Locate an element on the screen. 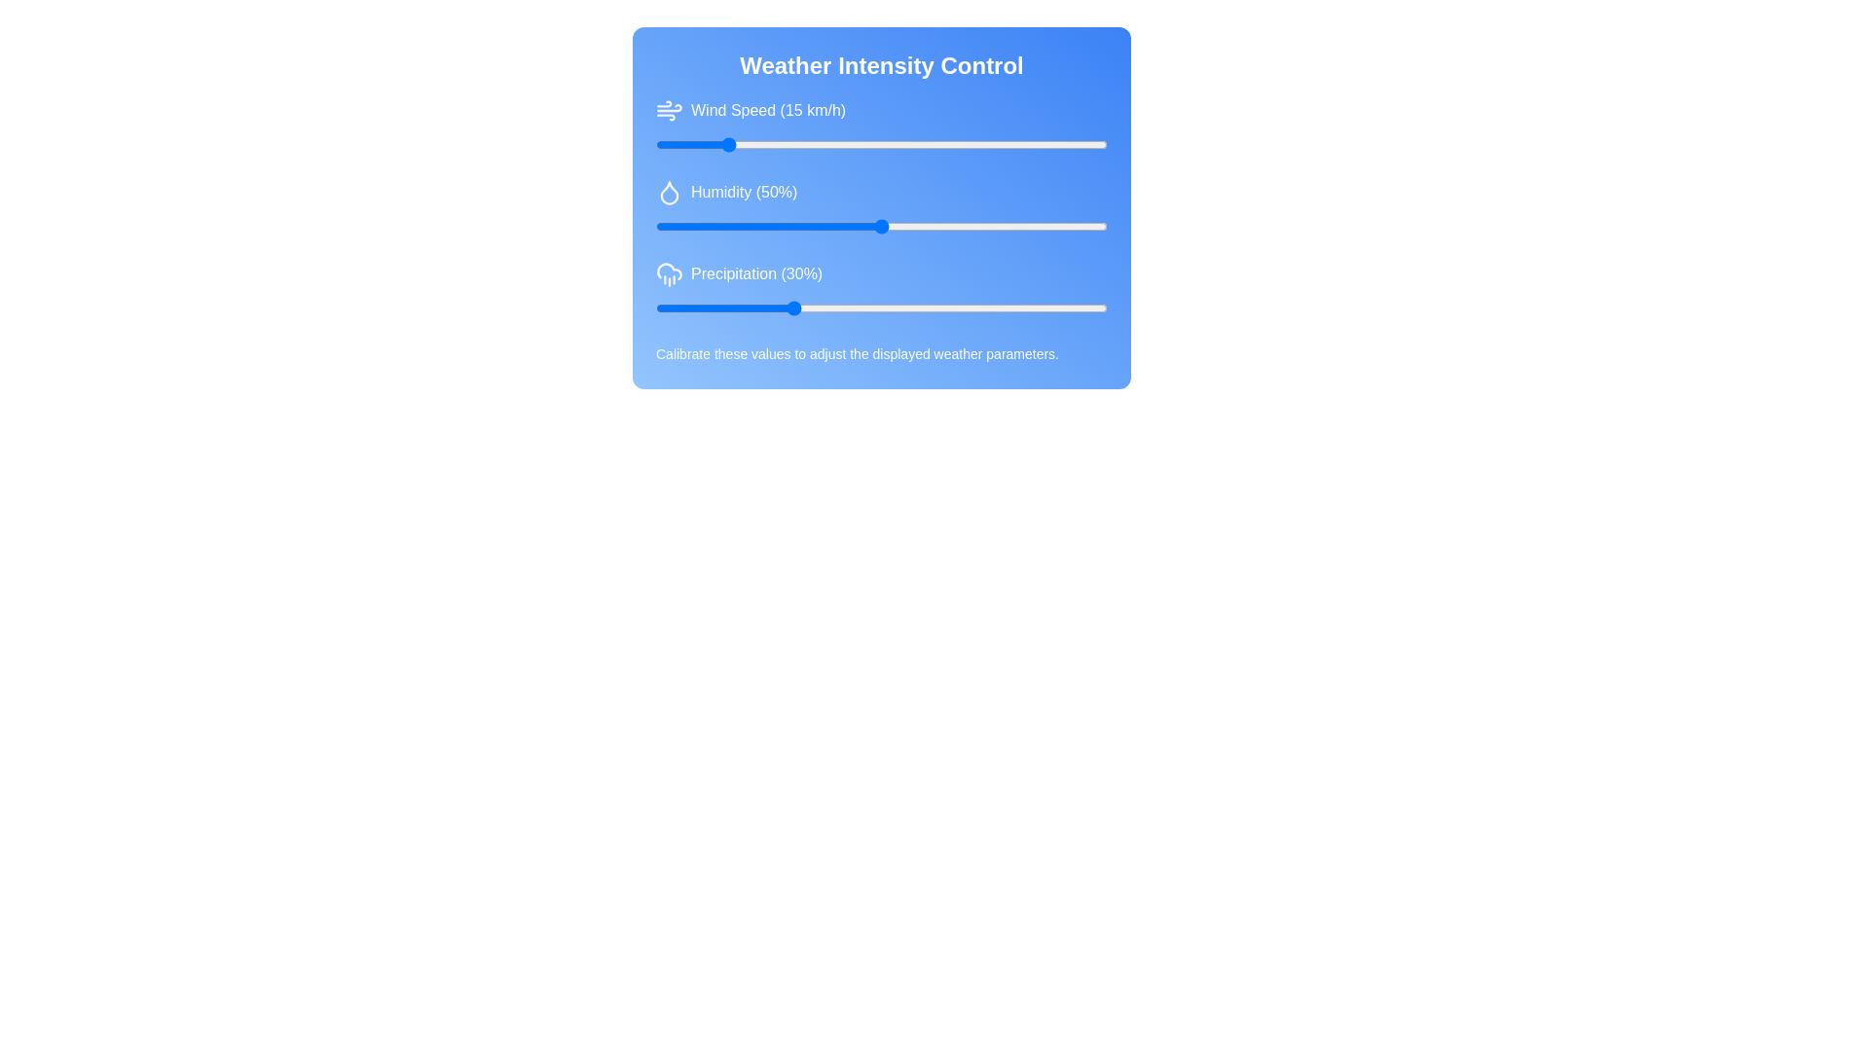 The height and width of the screenshot is (1051, 1869). precipitation intensity is located at coordinates (818, 307).